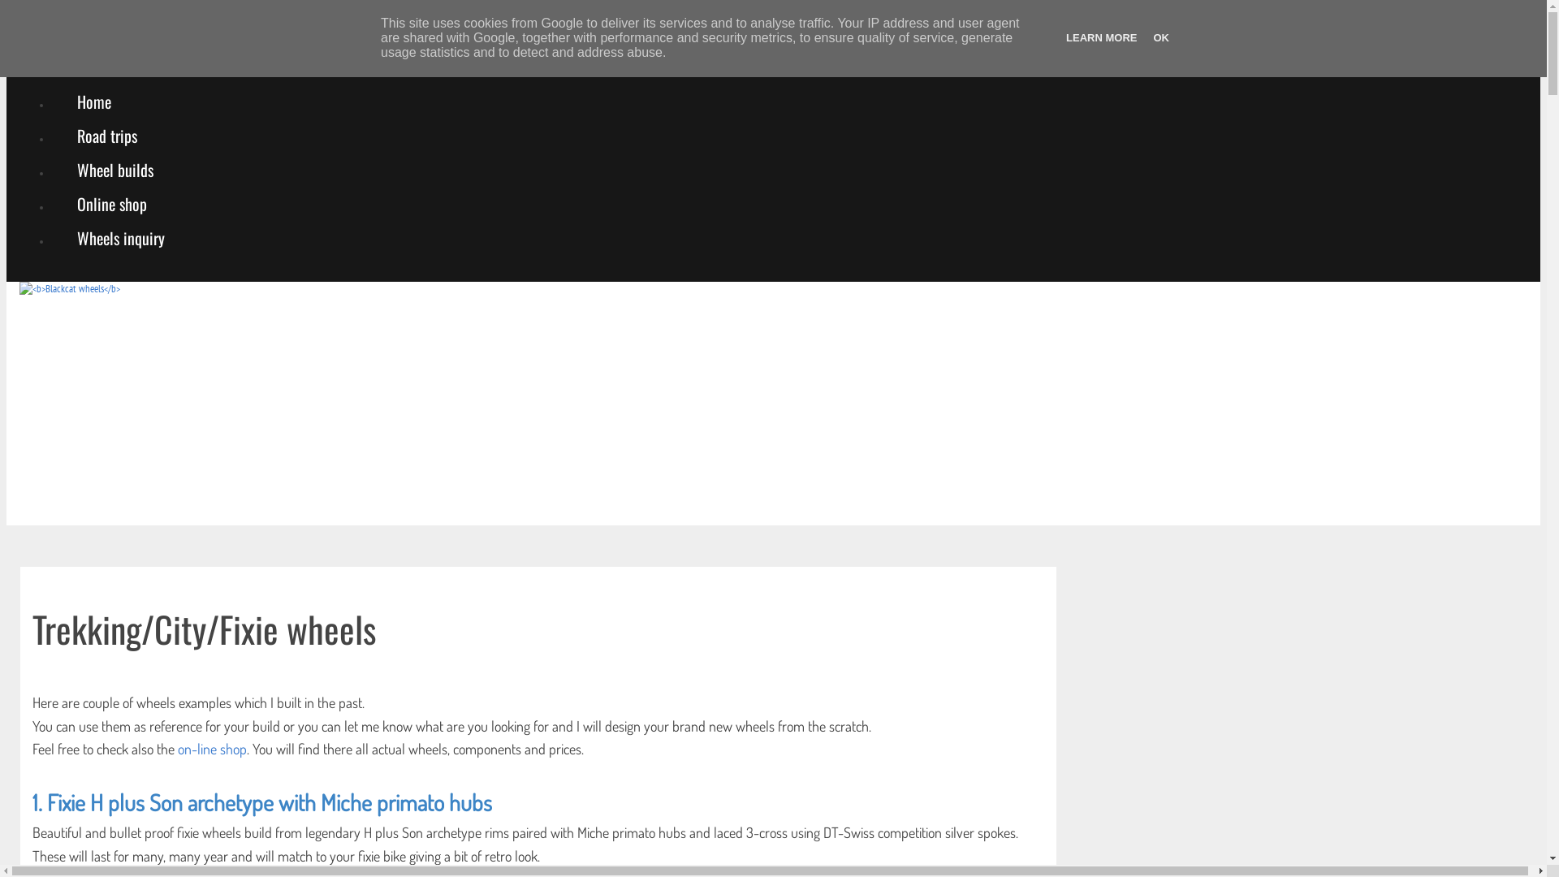 The height and width of the screenshot is (877, 1559). Describe the element at coordinates (51, 238) in the screenshot. I see `'Wheels inquiry'` at that location.